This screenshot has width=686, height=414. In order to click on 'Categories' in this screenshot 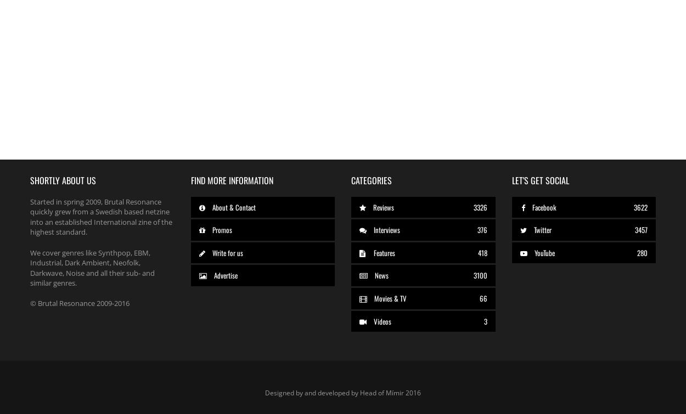, I will do `click(372, 180)`.